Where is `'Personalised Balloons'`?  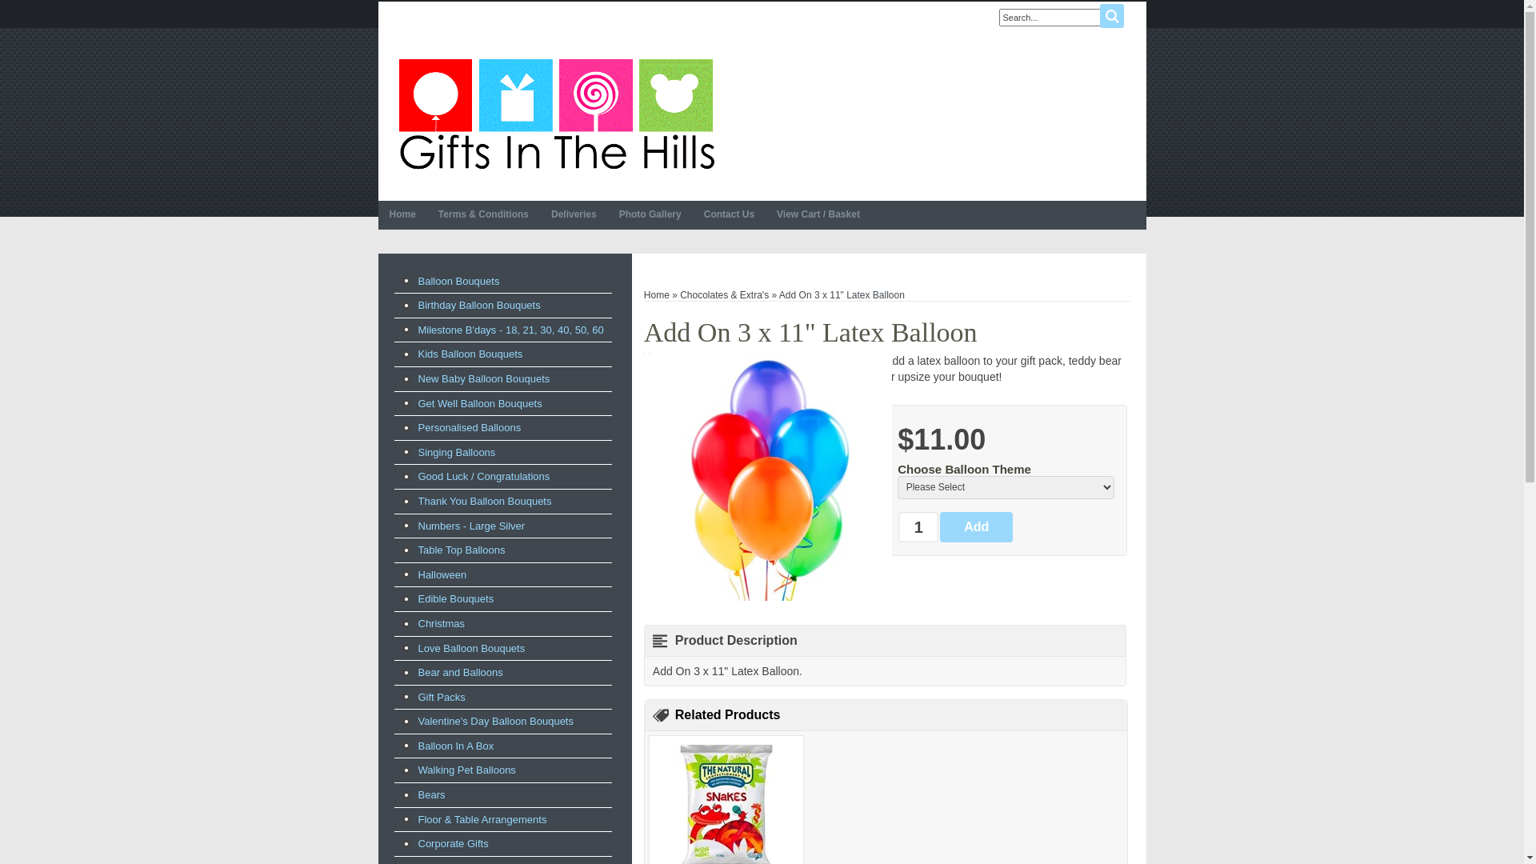
'Personalised Balloons' is located at coordinates (502, 427).